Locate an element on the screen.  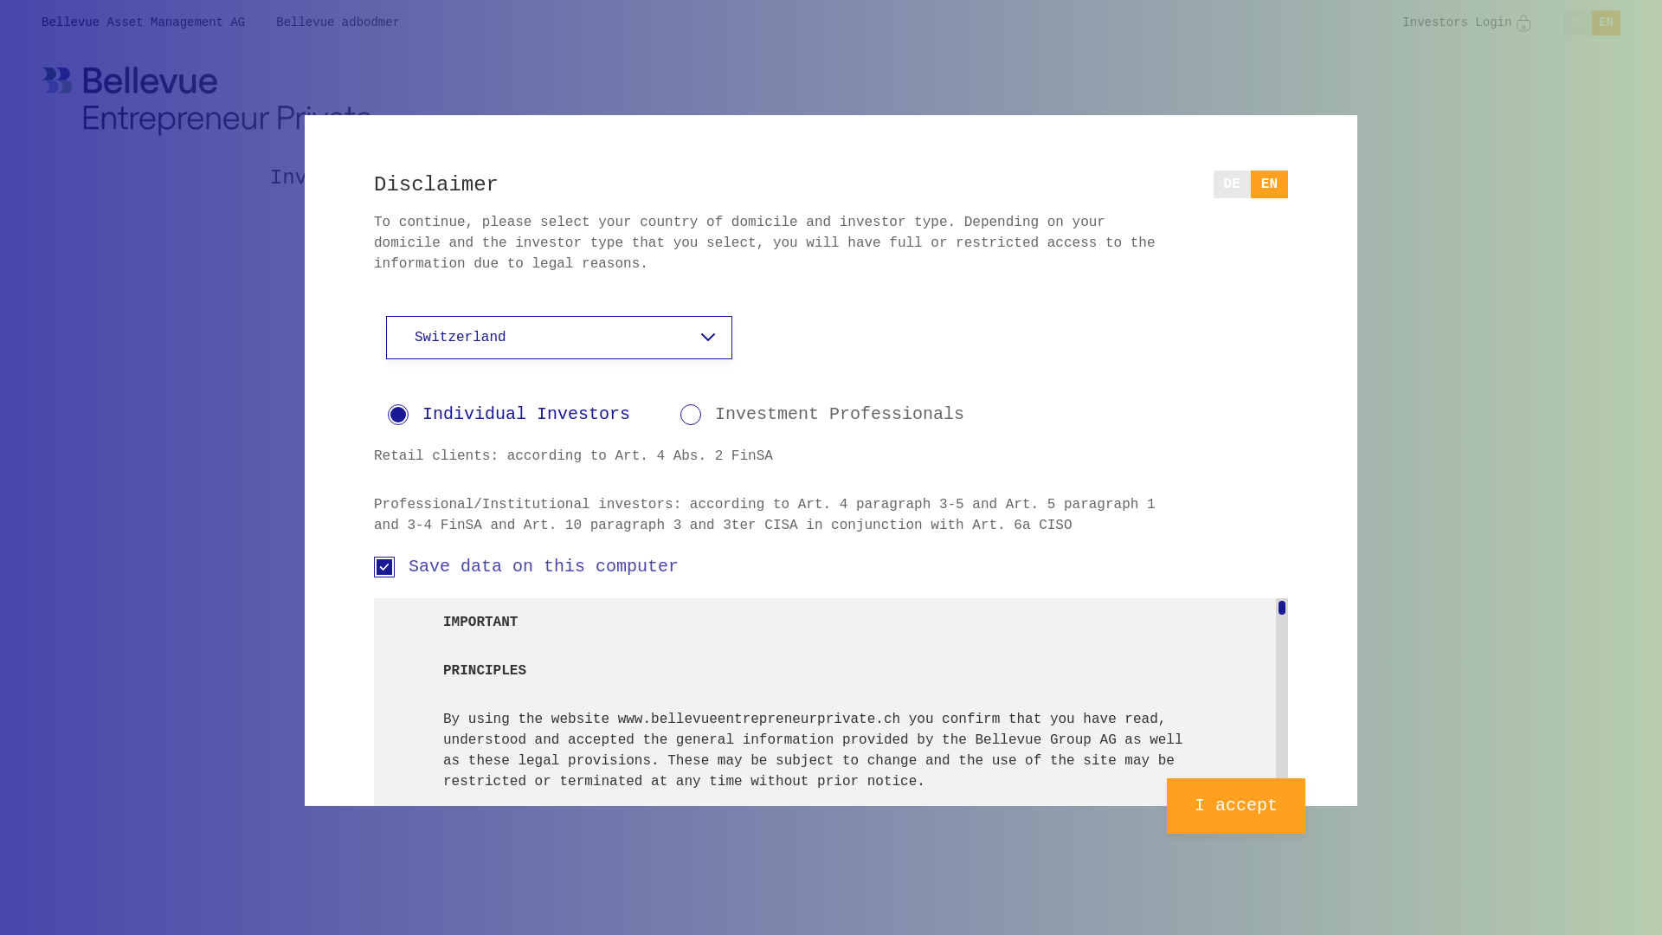
'Investment focus' is located at coordinates (369, 177).